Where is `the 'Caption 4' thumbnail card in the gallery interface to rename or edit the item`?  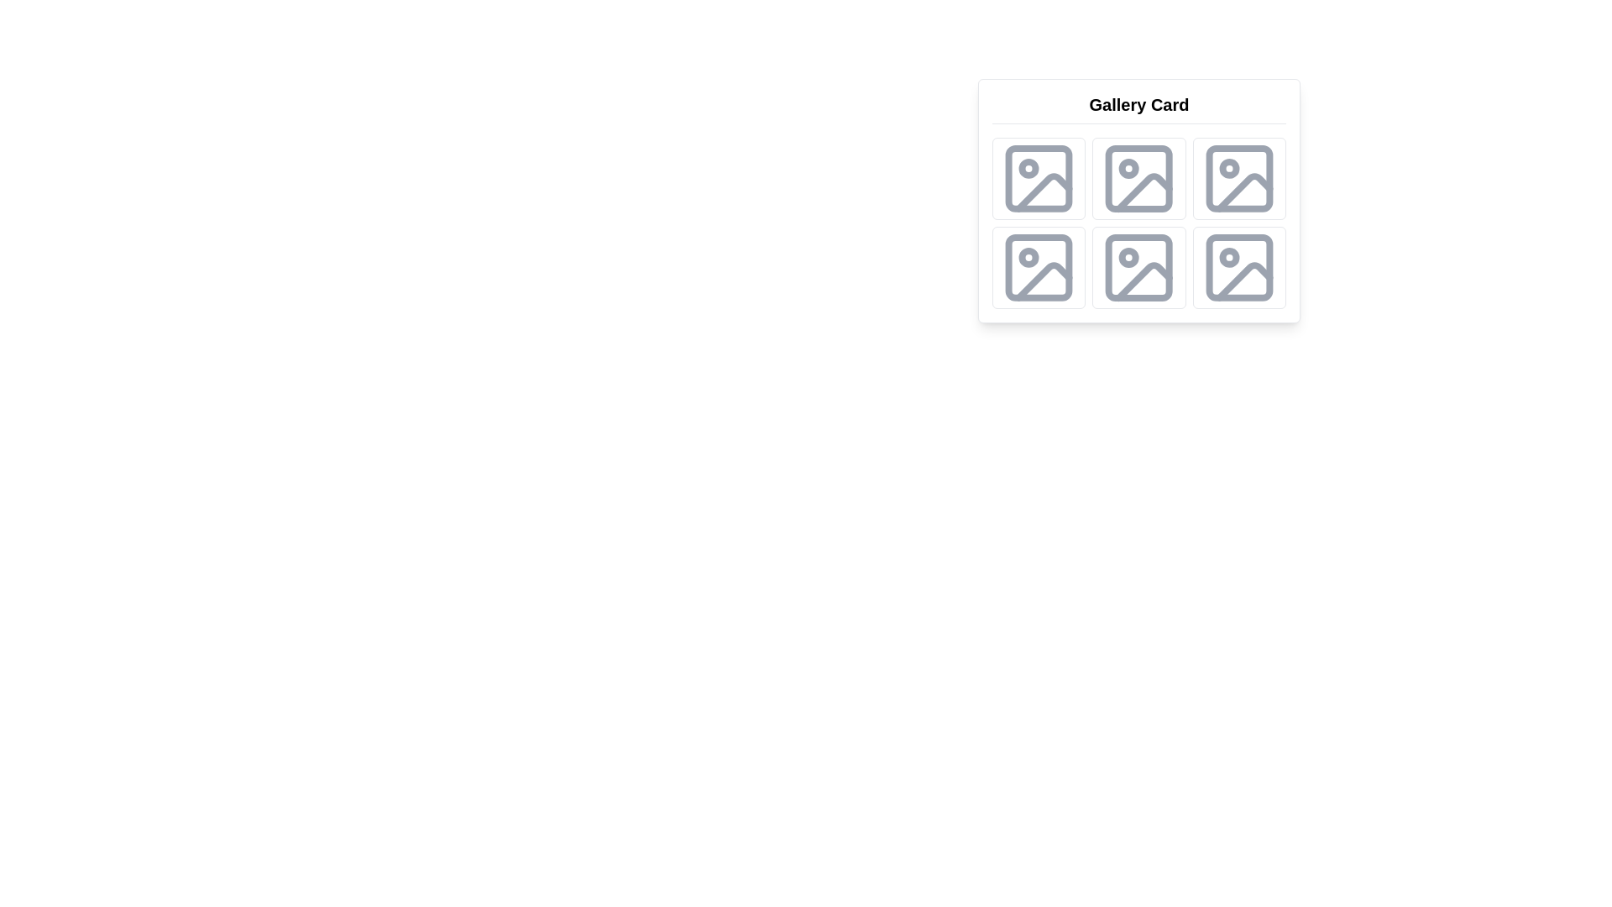
the 'Caption 4' thumbnail card in the gallery interface to rename or edit the item is located at coordinates (1038, 267).